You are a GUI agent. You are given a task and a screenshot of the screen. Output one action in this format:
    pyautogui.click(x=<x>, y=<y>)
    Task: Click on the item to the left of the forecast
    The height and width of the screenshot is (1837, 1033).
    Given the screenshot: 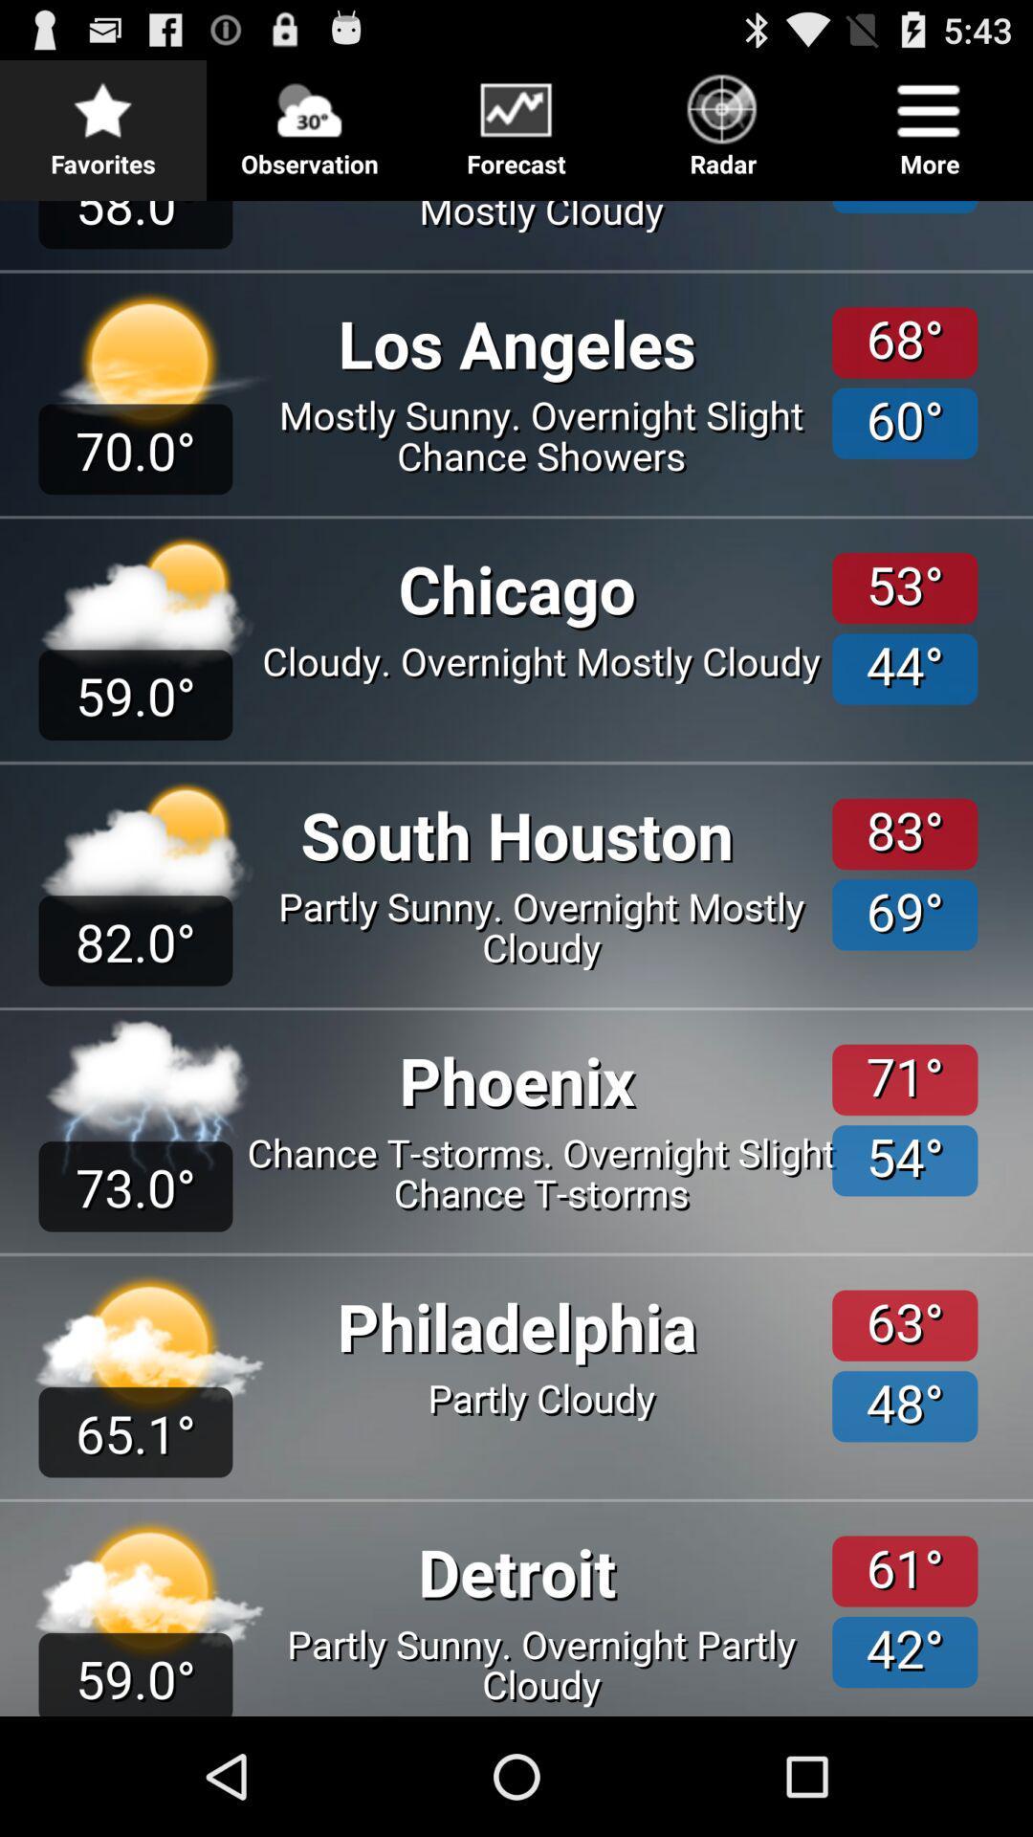 What is the action you would take?
    pyautogui.click(x=309, y=119)
    